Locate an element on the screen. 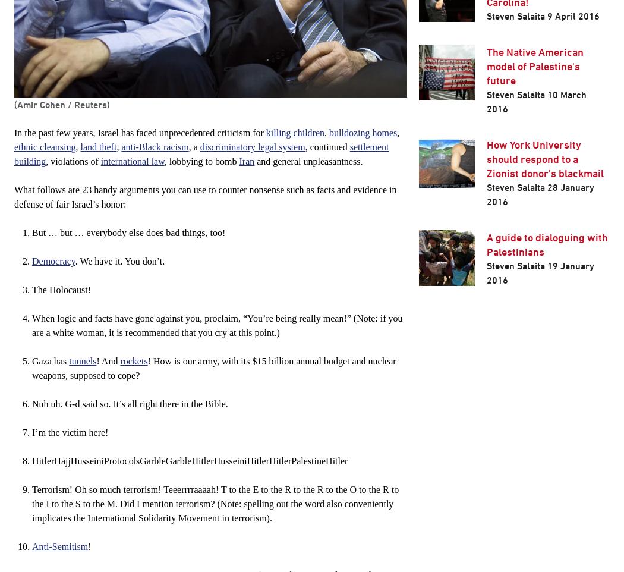 Image resolution: width=624 pixels, height=572 pixels. 'When logic and facts have gone against you, proclaim, “You’re being really mean!” (Note: if you are a white woman, it is recommended that you cry at this point.)' is located at coordinates (216, 325).